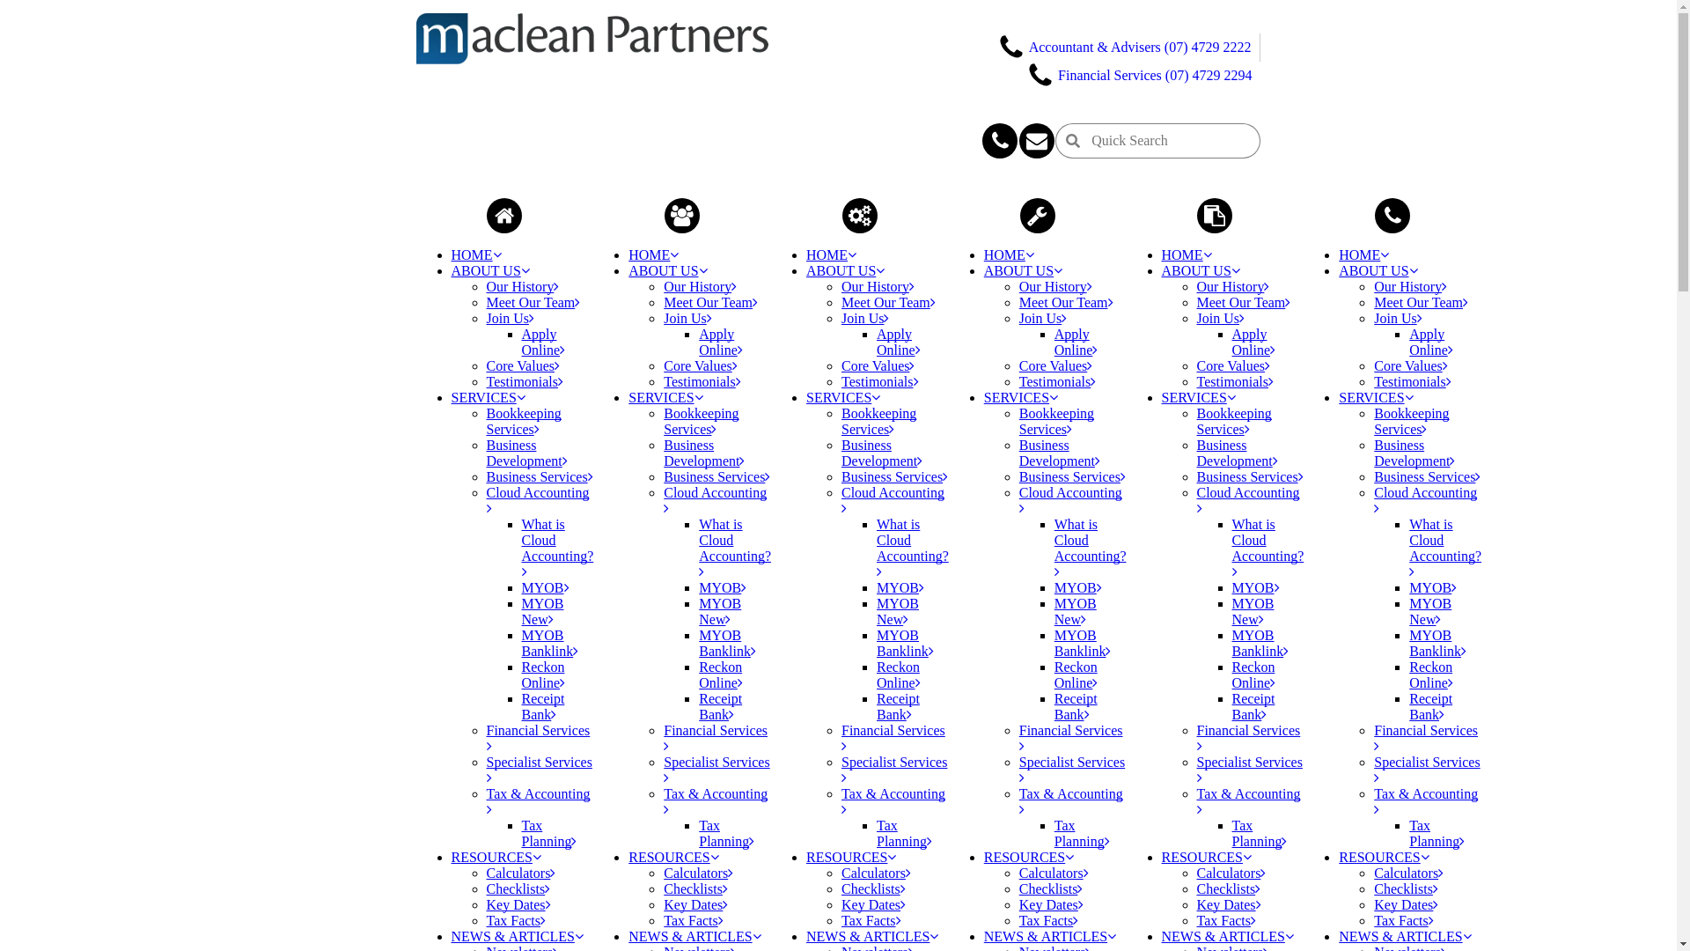  Describe the element at coordinates (1363, 254) in the screenshot. I see `'HOME'` at that location.